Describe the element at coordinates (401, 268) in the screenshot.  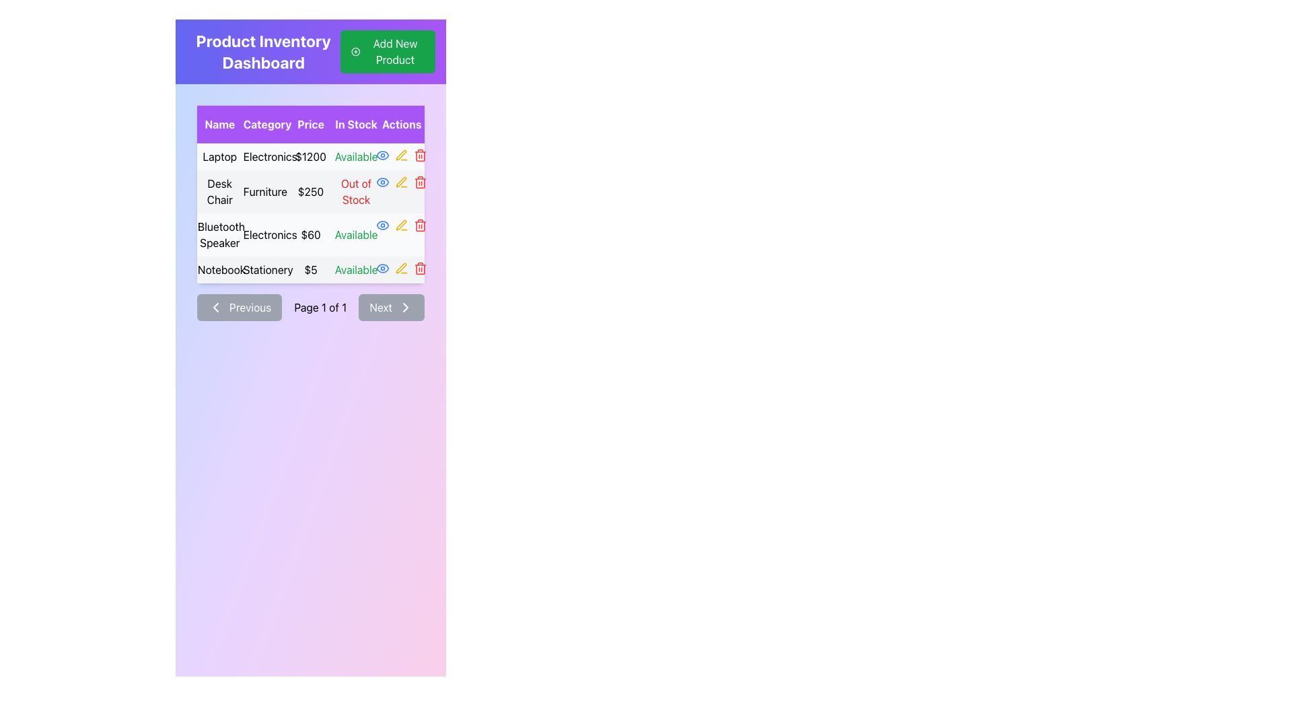
I see `the edit button located in the 'Actions' column of the last row of the table, which is the third icon in that row` at that location.